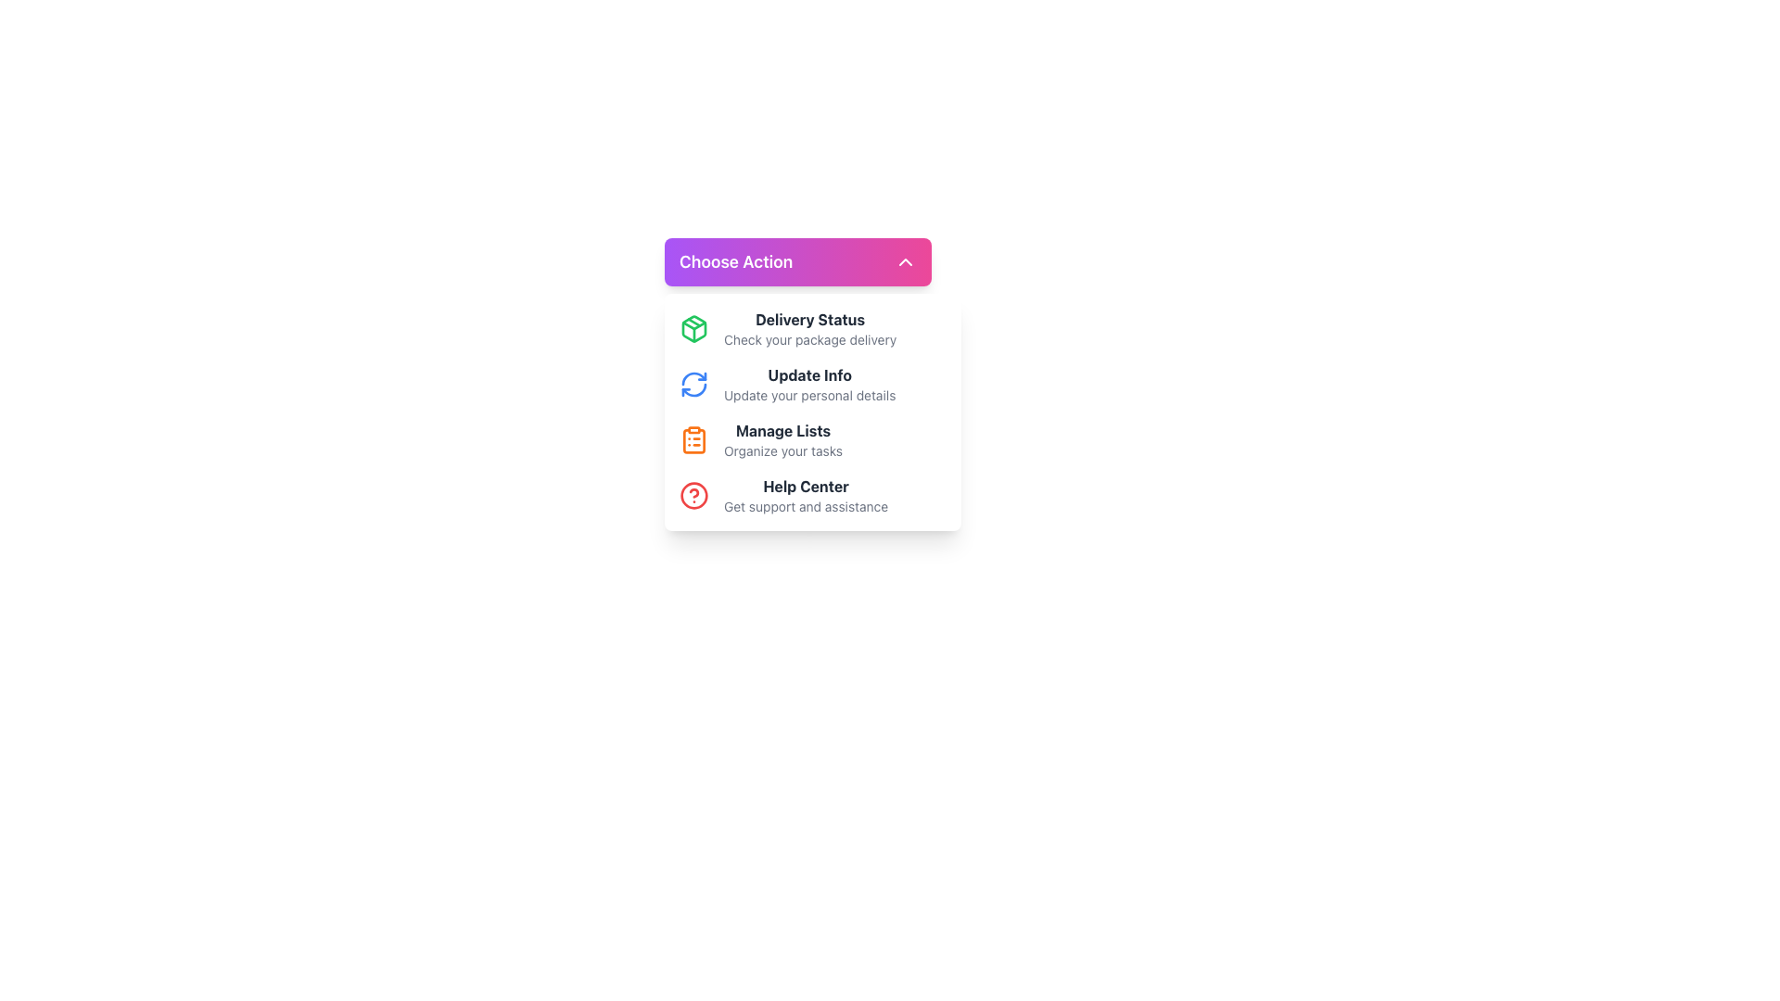 This screenshot has height=1001, width=1780. Describe the element at coordinates (693, 439) in the screenshot. I see `the vibrant orange clipboard icon with a list design, which is positioned in the 'Manage Lists' section, to the left of the 'Manage Lists' text` at that location.